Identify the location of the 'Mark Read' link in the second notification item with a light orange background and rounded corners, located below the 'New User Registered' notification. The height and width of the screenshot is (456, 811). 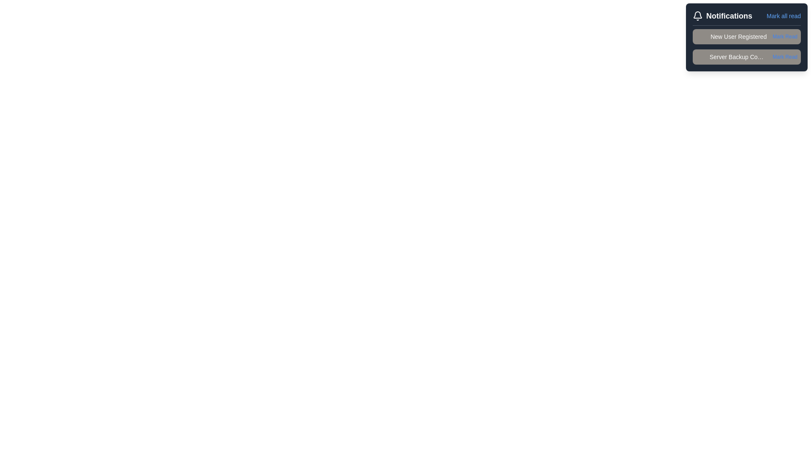
(746, 57).